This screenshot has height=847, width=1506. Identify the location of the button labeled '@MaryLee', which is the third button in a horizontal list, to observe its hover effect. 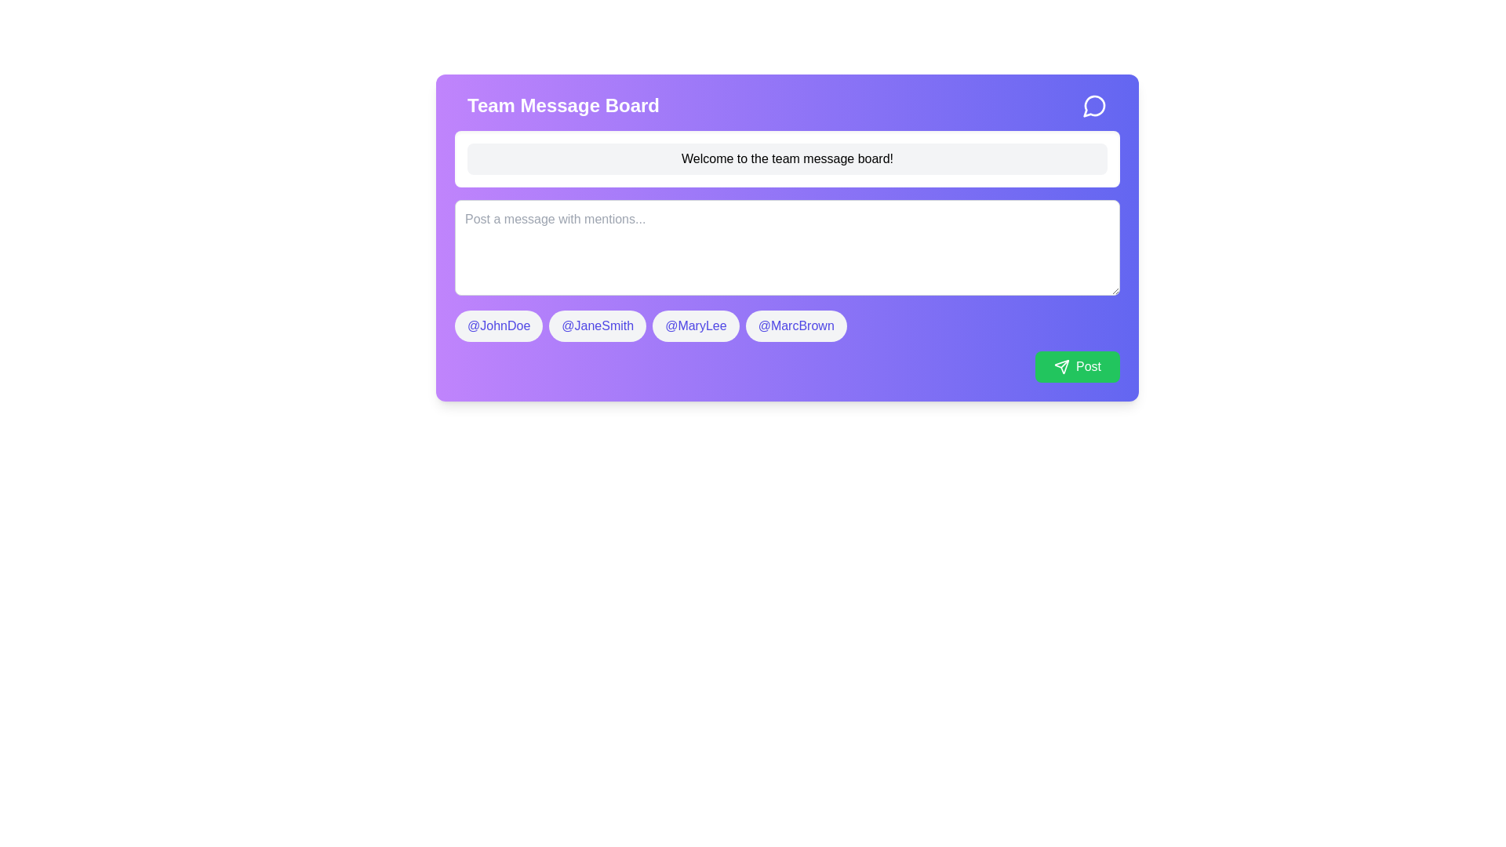
(695, 325).